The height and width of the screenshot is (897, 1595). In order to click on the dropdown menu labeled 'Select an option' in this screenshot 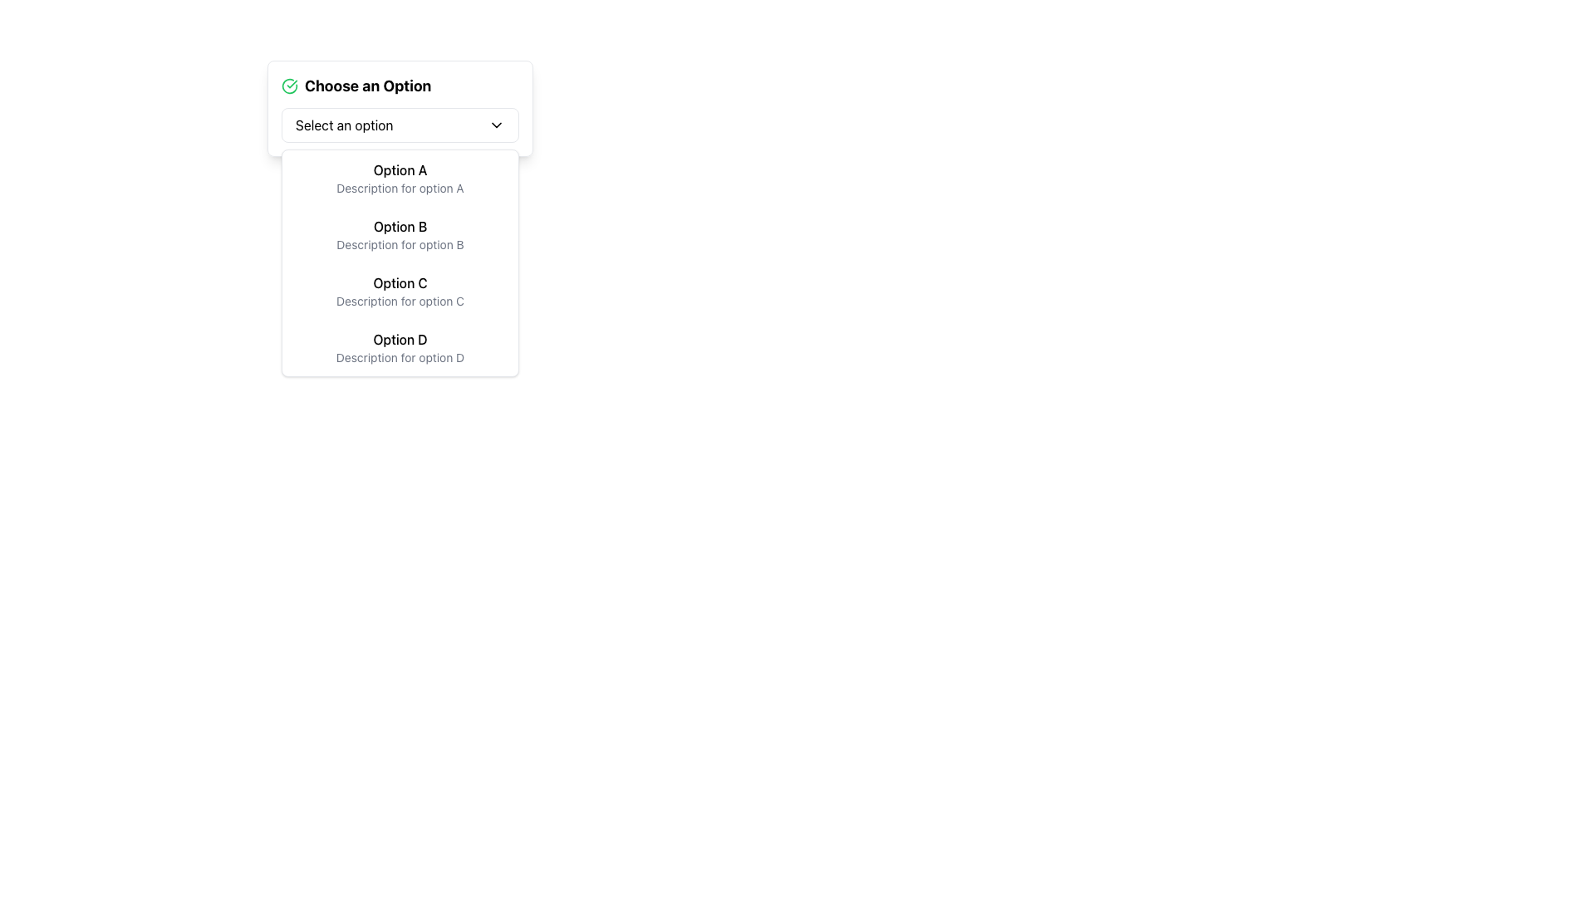, I will do `click(400, 124)`.